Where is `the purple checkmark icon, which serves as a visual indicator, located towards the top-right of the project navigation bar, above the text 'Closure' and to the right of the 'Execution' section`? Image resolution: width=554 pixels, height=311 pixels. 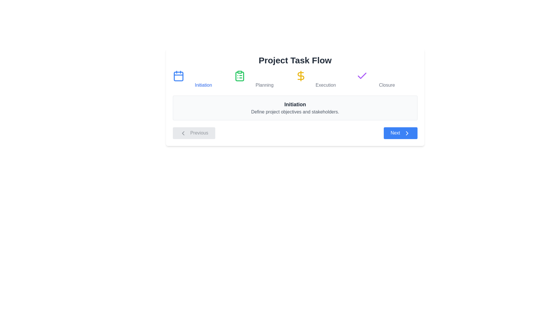 the purple checkmark icon, which serves as a visual indicator, located towards the top-right of the project navigation bar, above the text 'Closure' and to the right of the 'Execution' section is located at coordinates (362, 75).